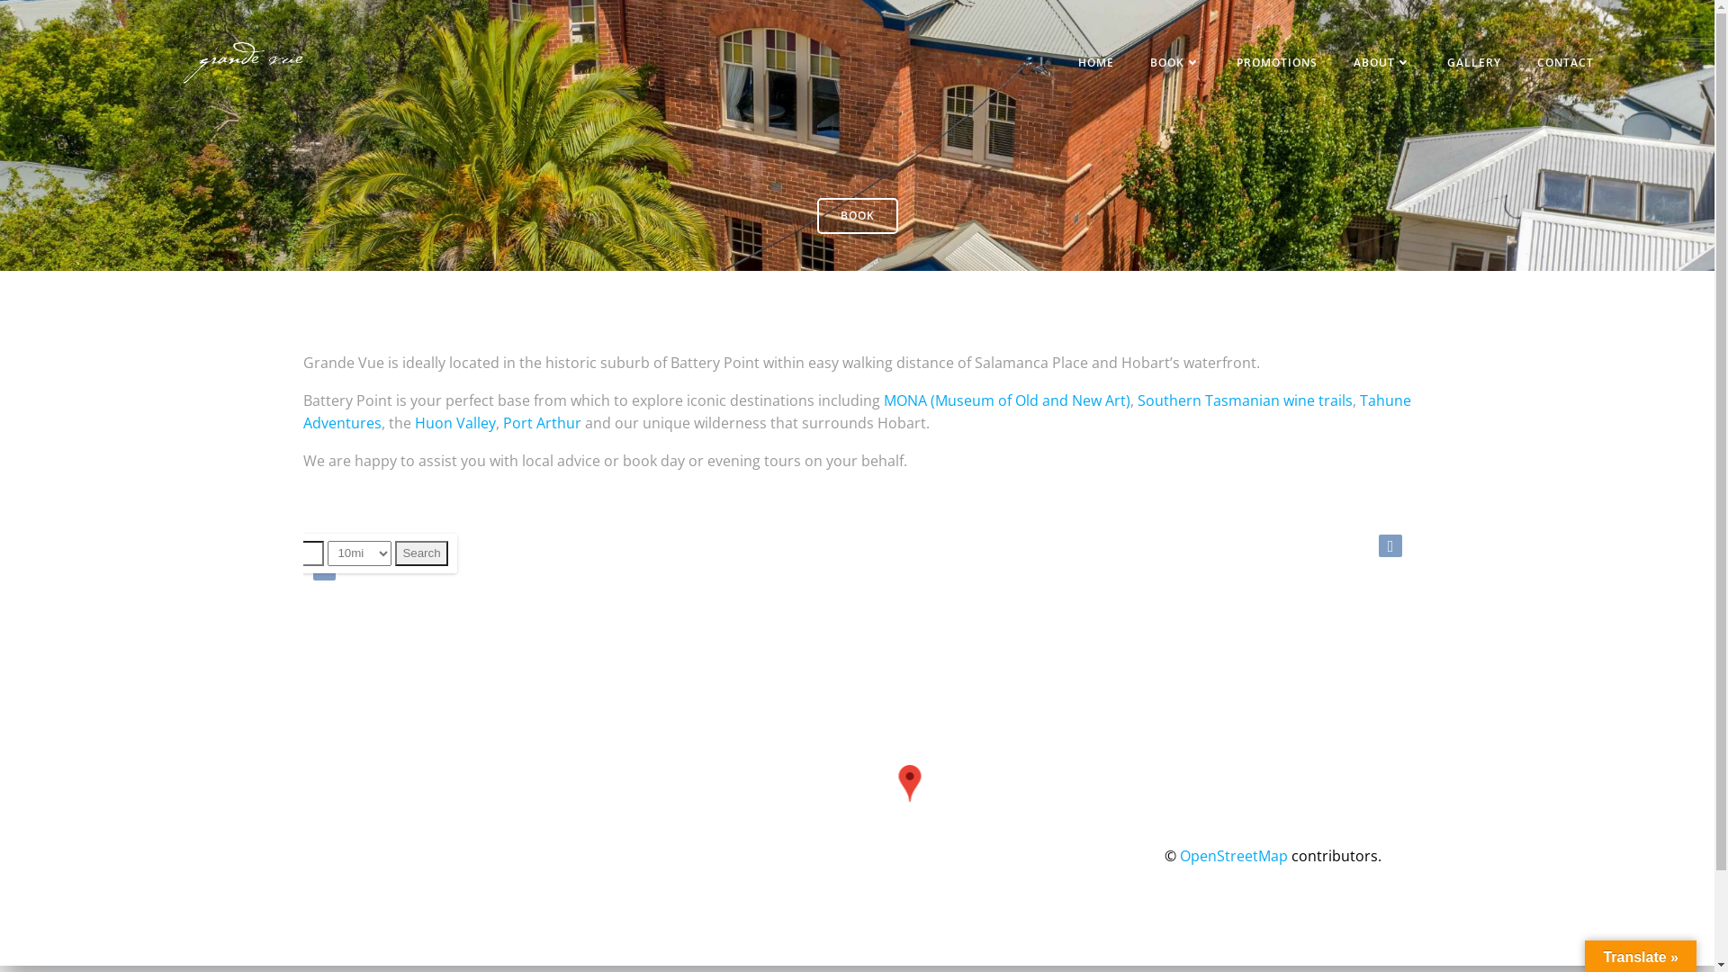 The width and height of the screenshot is (1728, 972). Describe the element at coordinates (1231, 855) in the screenshot. I see `'OpenStreetMap'` at that location.